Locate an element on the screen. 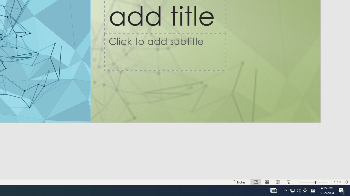 This screenshot has width=350, height=196. 'Zoom 151%' is located at coordinates (337, 182).